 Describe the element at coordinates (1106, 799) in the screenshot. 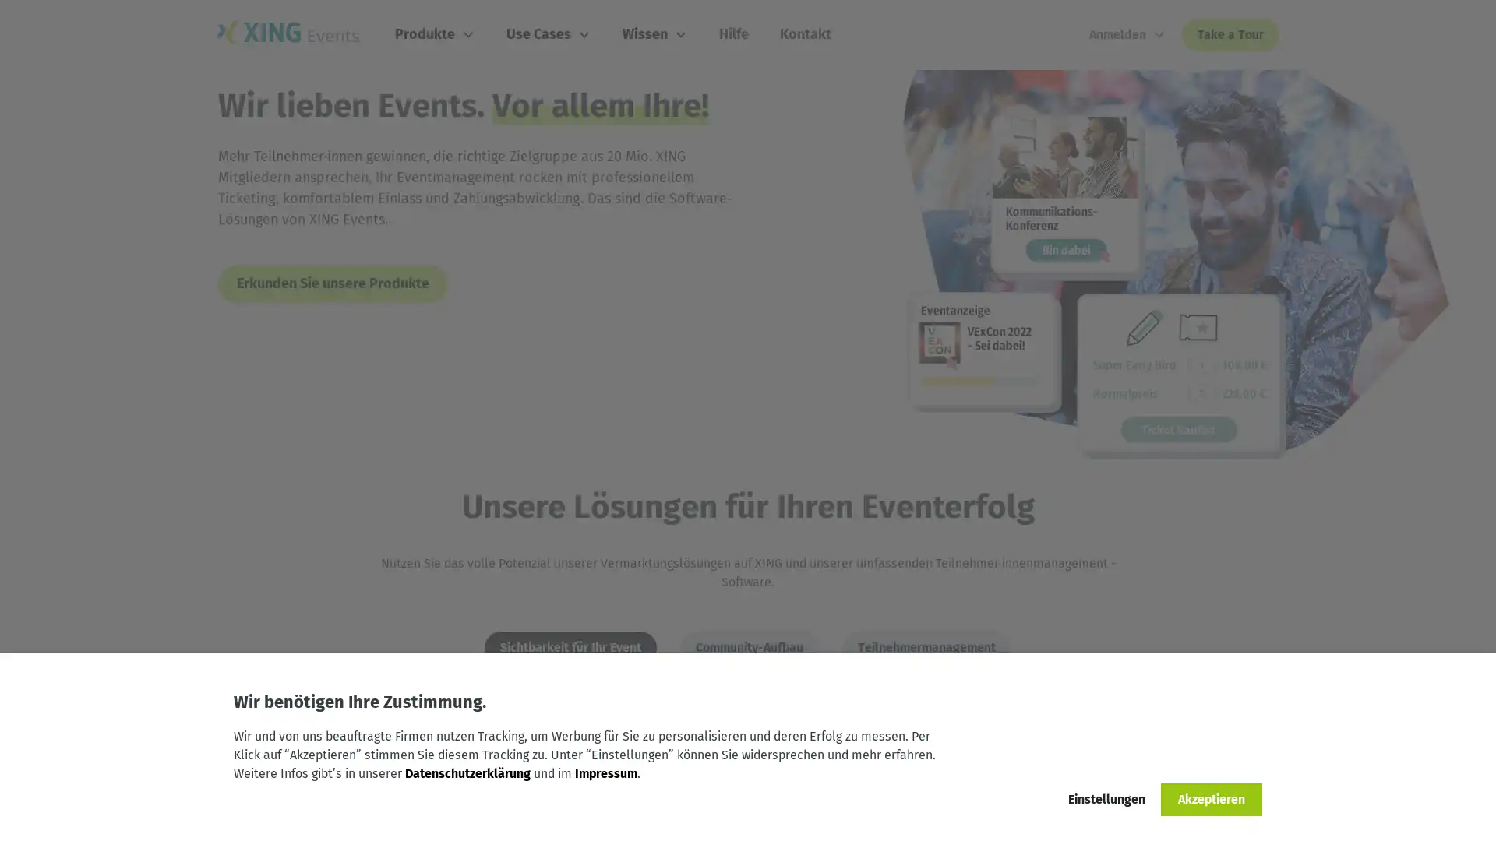

I see `Einstellungen` at that location.